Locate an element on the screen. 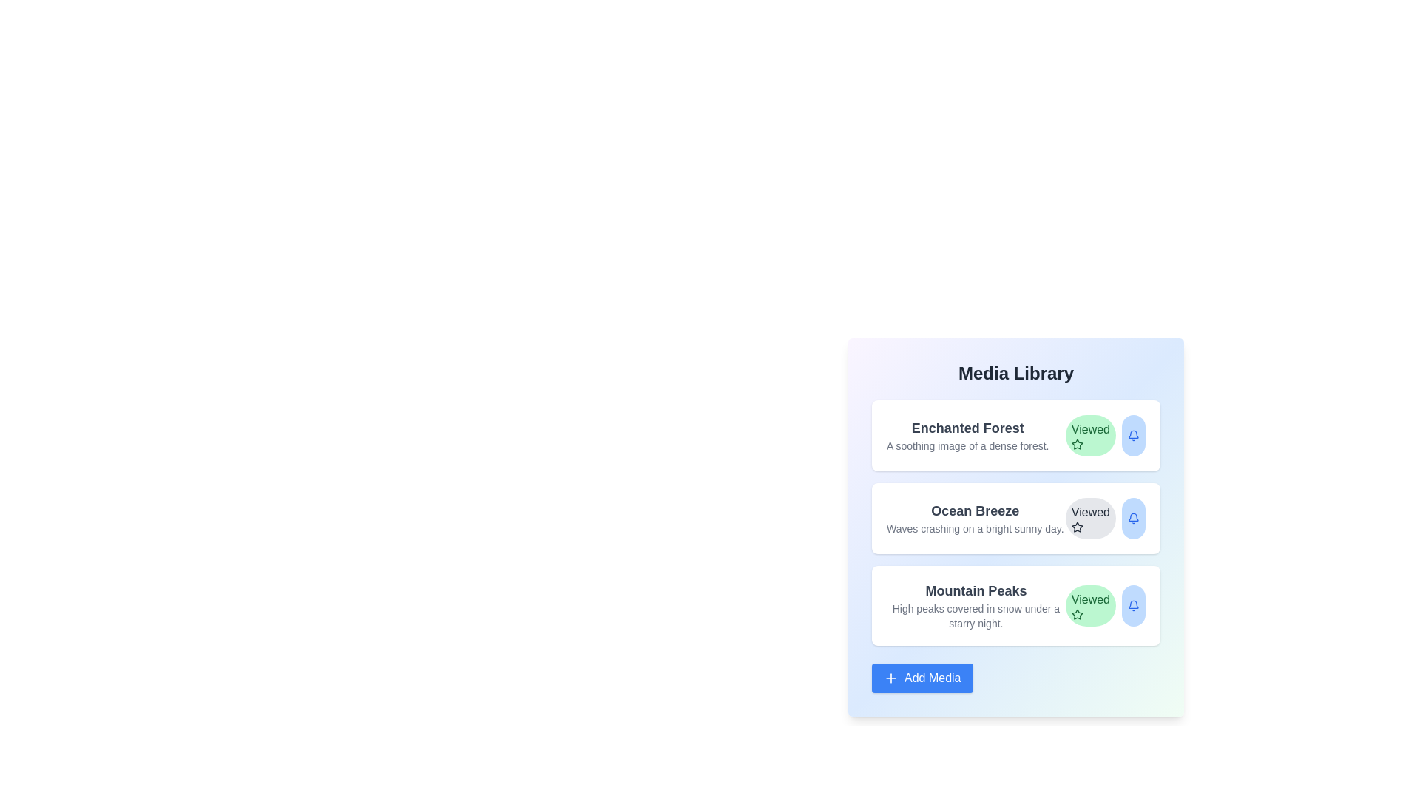  the 'Add Media' button to add a new media item is located at coordinates (922, 678).